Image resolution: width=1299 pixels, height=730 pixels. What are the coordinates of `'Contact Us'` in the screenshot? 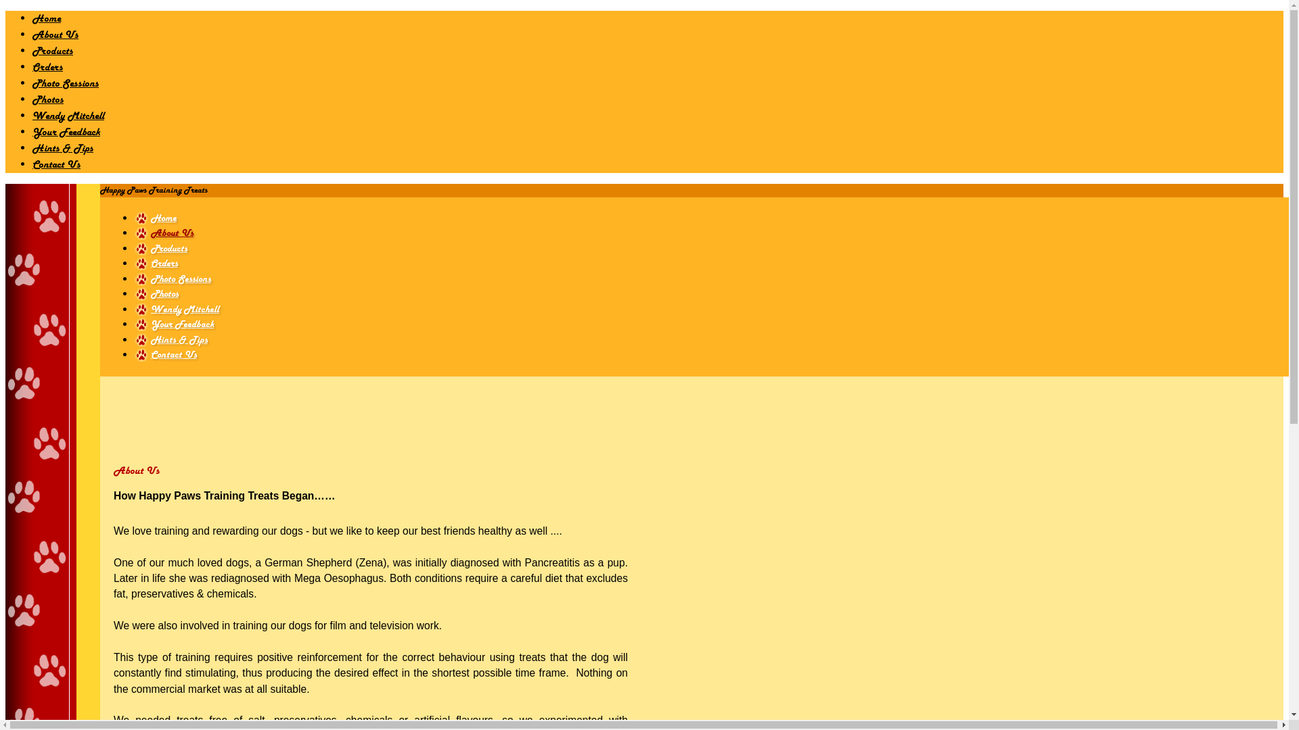 It's located at (164, 354).